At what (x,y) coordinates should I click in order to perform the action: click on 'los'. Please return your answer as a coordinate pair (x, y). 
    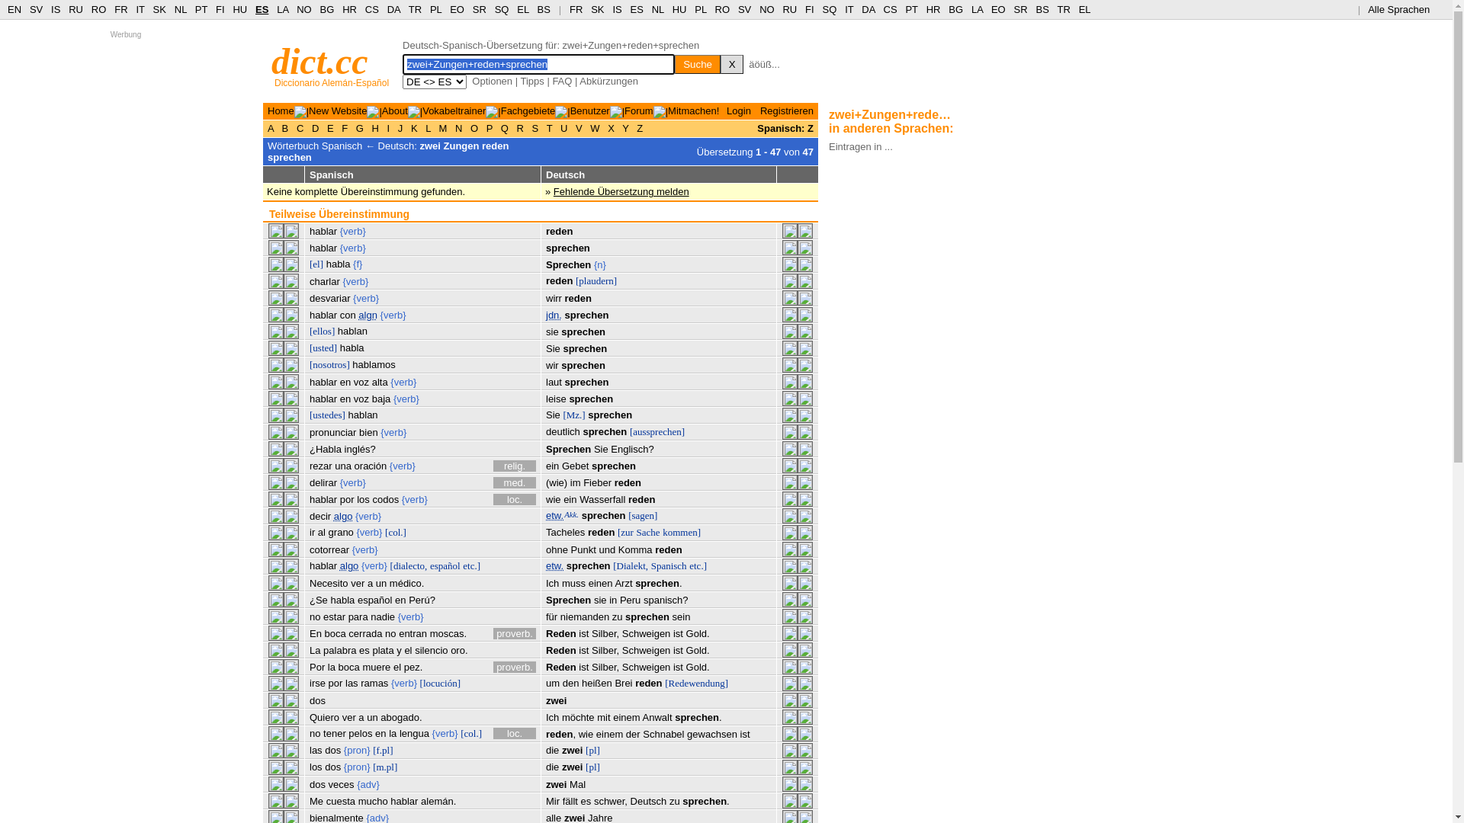
    Looking at the image, I should click on (309, 767).